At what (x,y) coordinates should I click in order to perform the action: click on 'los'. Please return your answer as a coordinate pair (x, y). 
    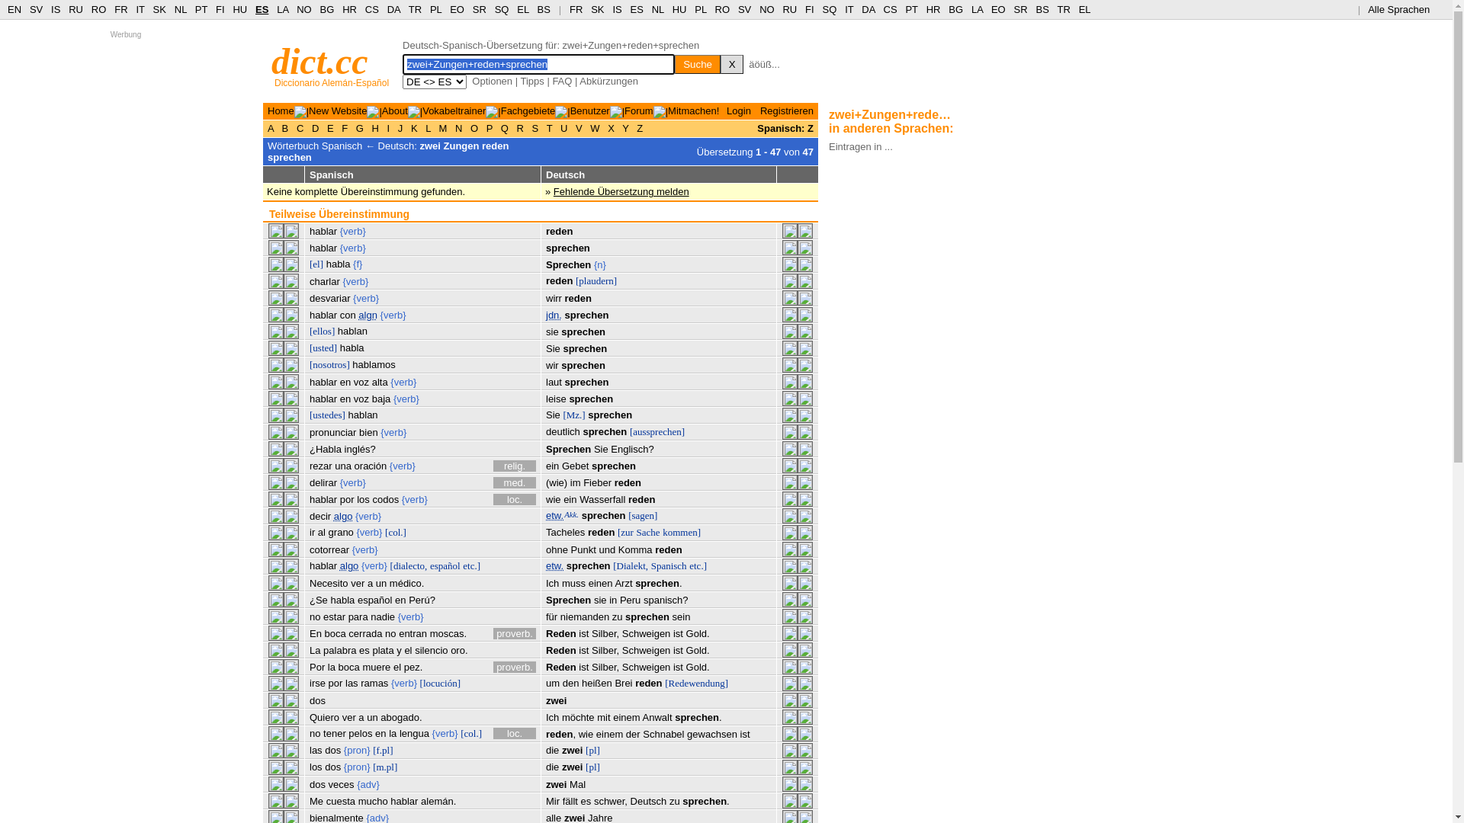
    Looking at the image, I should click on (309, 767).